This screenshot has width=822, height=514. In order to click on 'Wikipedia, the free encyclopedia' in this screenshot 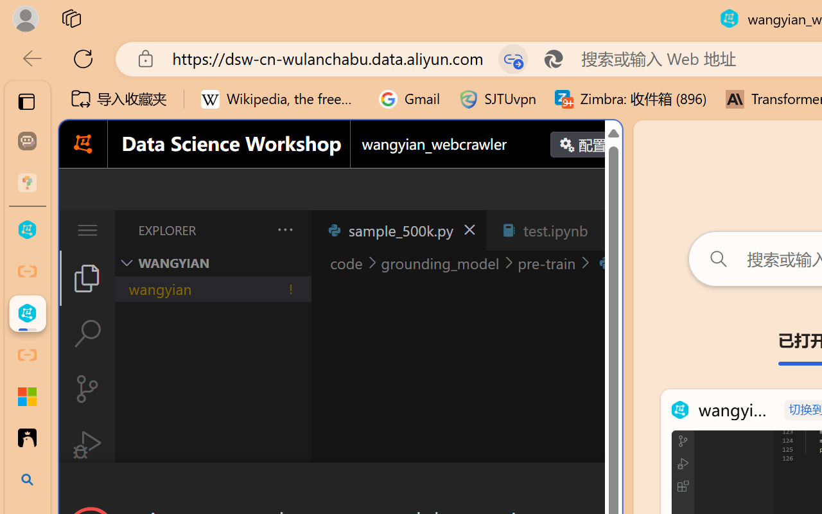, I will do `click(280, 99)`.